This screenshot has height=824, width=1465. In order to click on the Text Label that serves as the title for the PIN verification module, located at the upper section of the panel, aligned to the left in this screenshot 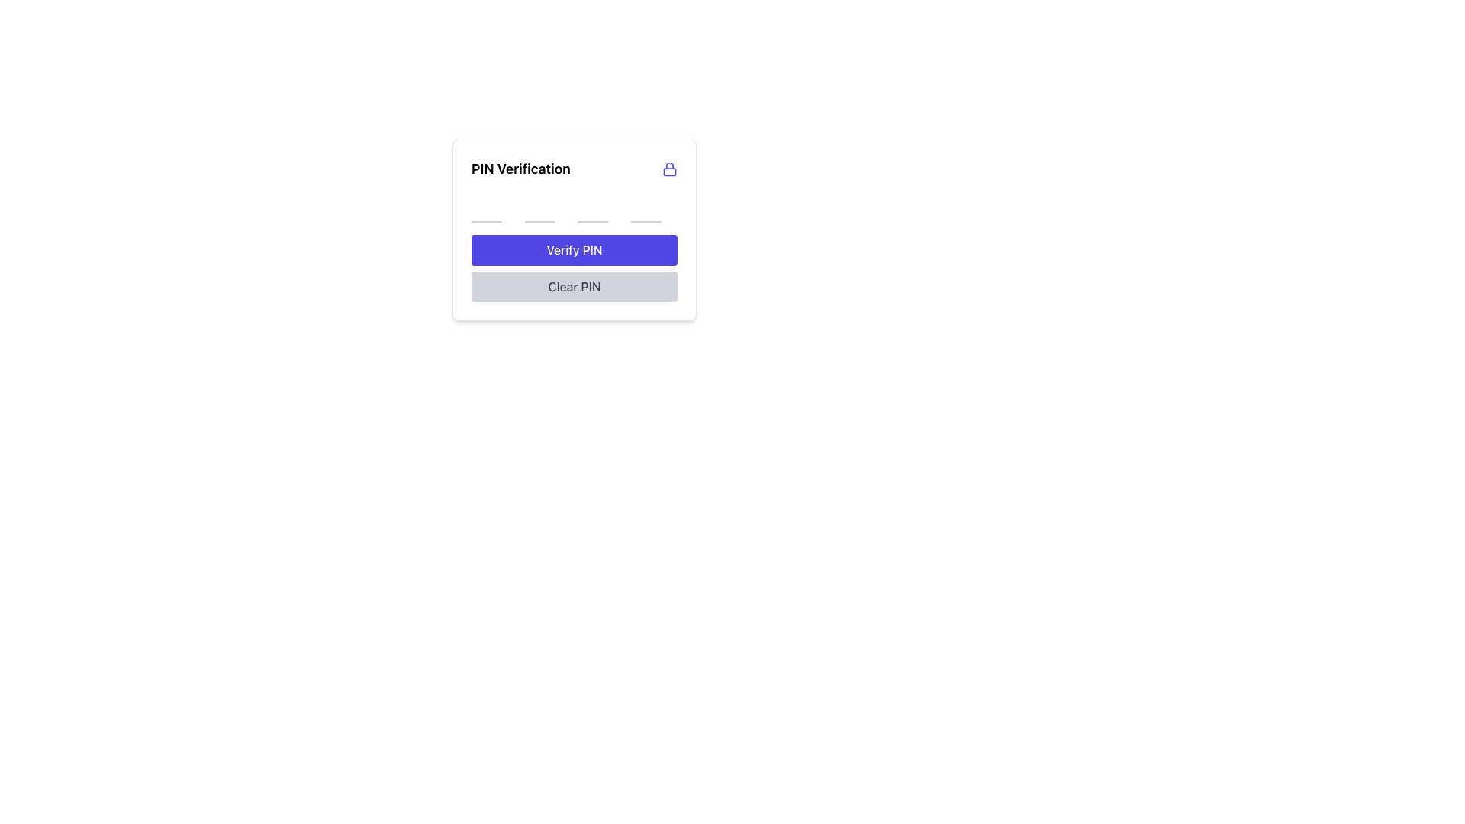, I will do `click(520, 169)`.